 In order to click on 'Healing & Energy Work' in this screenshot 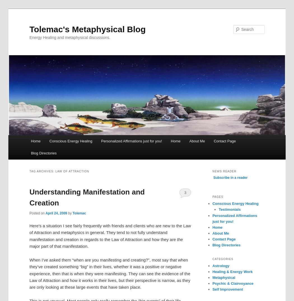, I will do `click(212, 271)`.